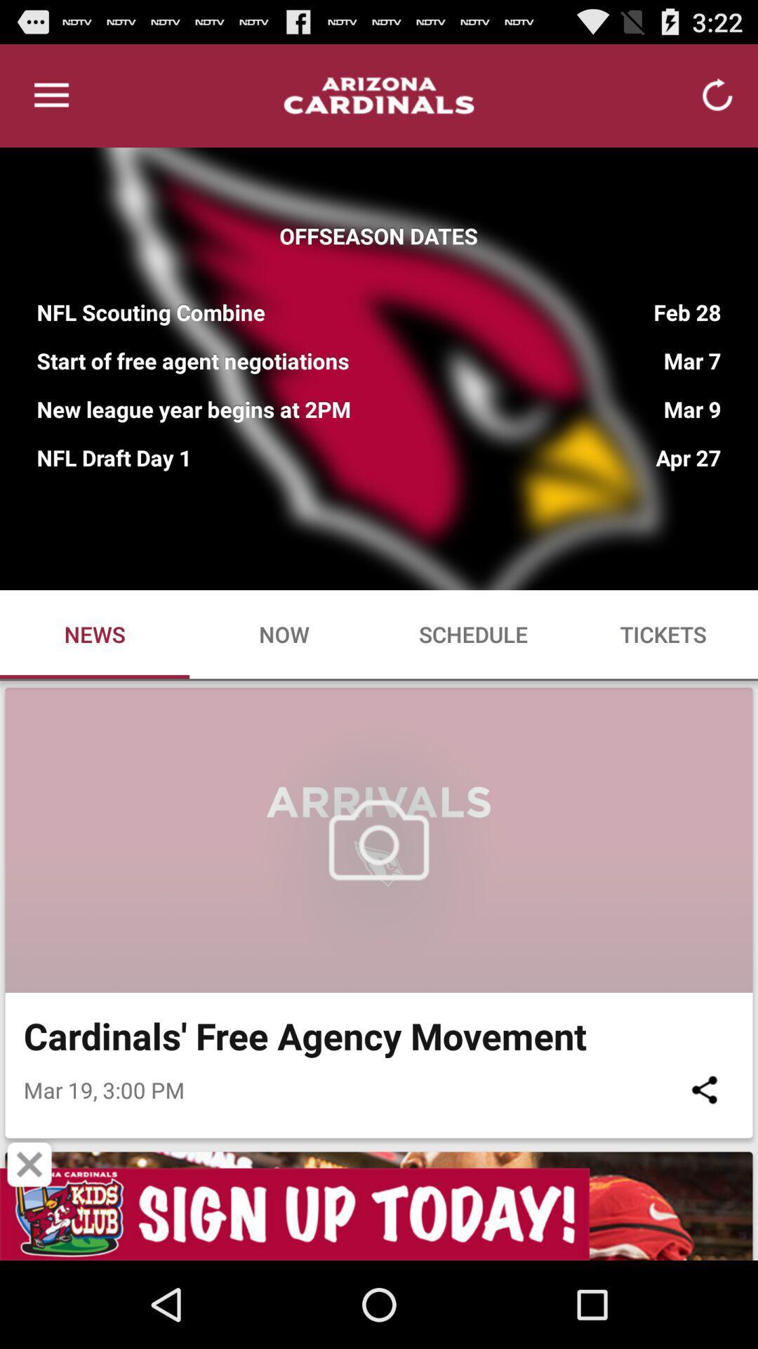  What do you see at coordinates (29, 1164) in the screenshot?
I see `icon below the mar 19 3 item` at bounding box center [29, 1164].